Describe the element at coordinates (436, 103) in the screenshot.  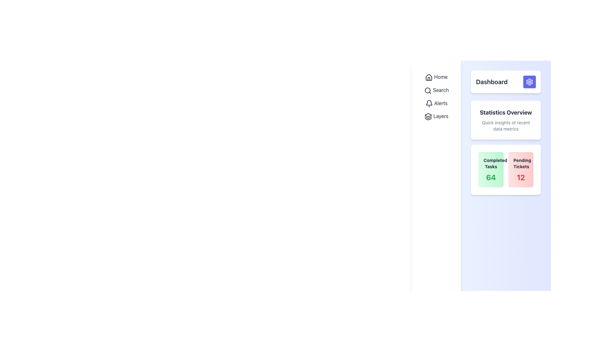
I see `the third item in the vertical navigation menu, which serves as a navigation link to the 'Alerts' section of the application, represented by a bell icon` at that location.